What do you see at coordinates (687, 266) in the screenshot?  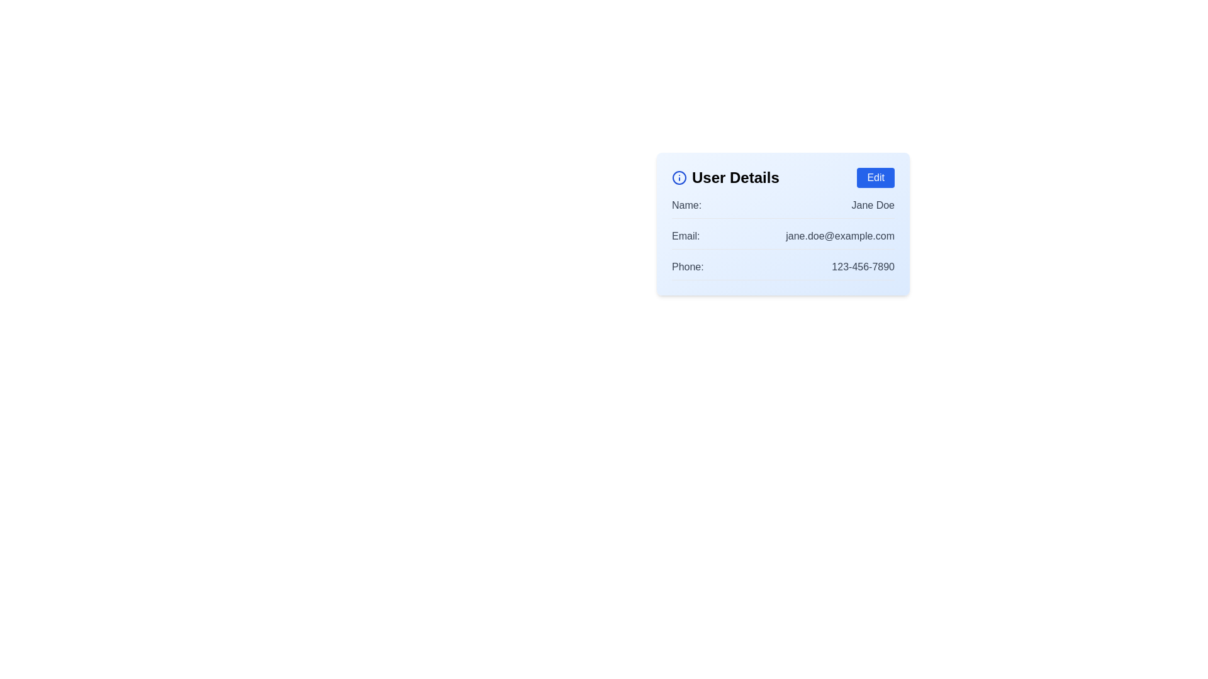 I see `text label that says 'Phone:' which is located in the 'User Details' panel, positioned above the phone number and below the 'Email:' label` at bounding box center [687, 266].